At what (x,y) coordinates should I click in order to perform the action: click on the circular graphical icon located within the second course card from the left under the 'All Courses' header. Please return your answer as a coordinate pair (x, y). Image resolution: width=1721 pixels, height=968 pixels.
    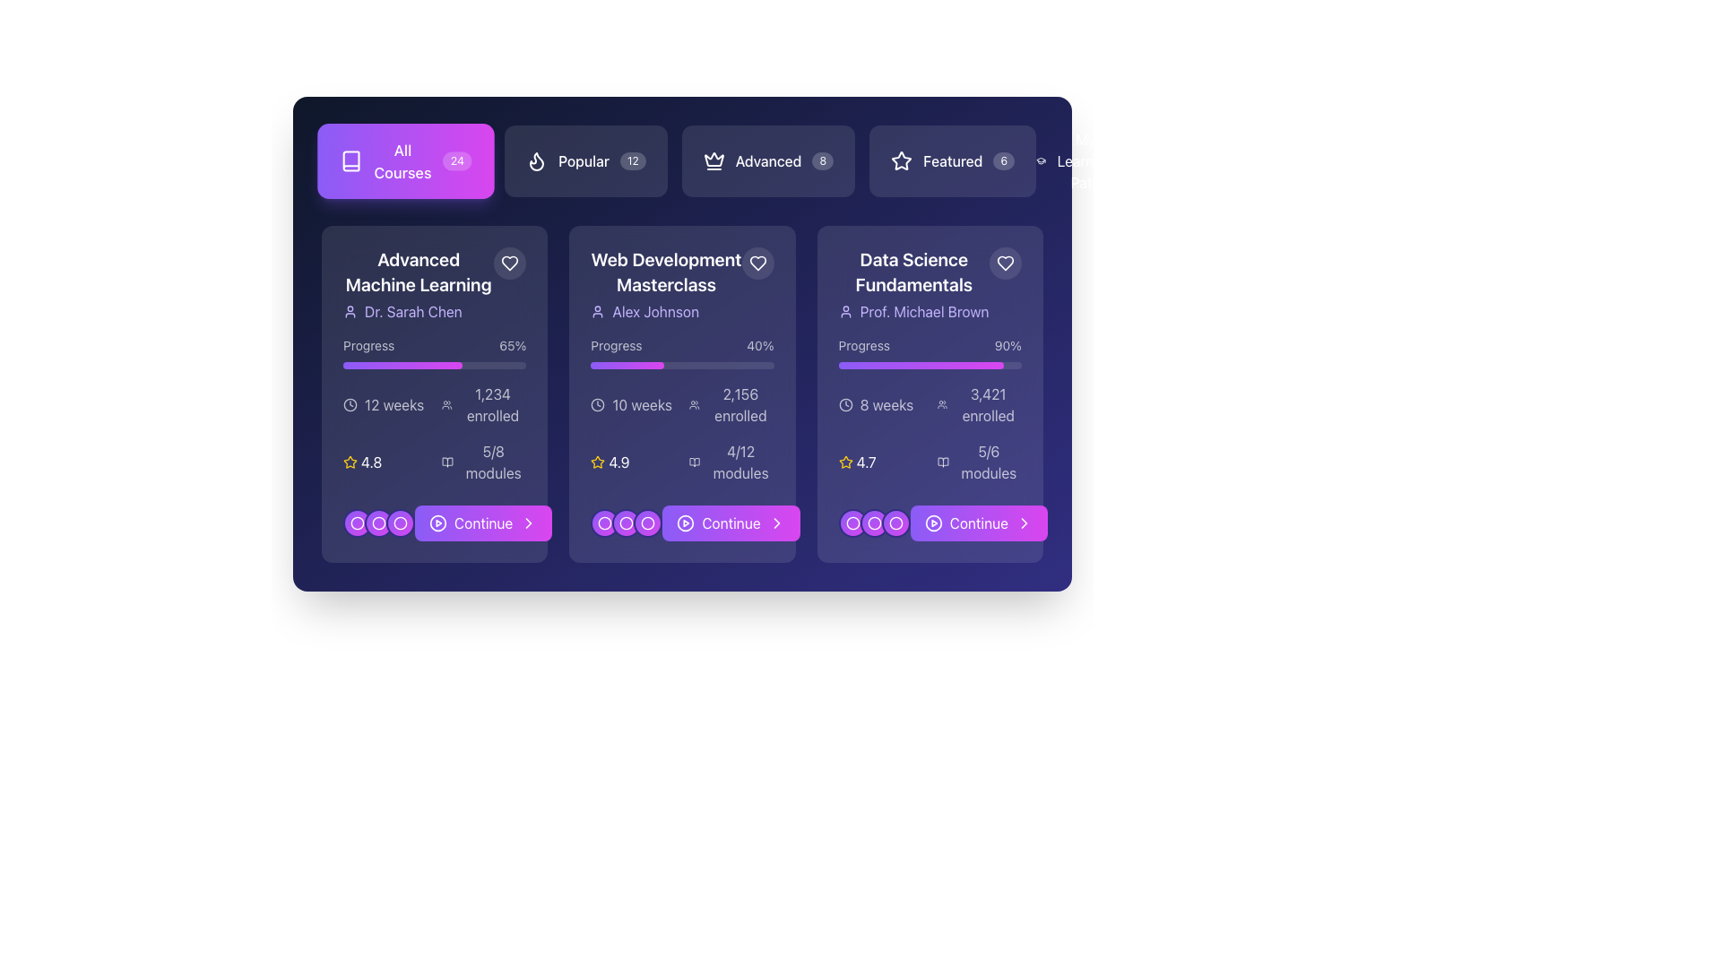
    Looking at the image, I should click on (647, 523).